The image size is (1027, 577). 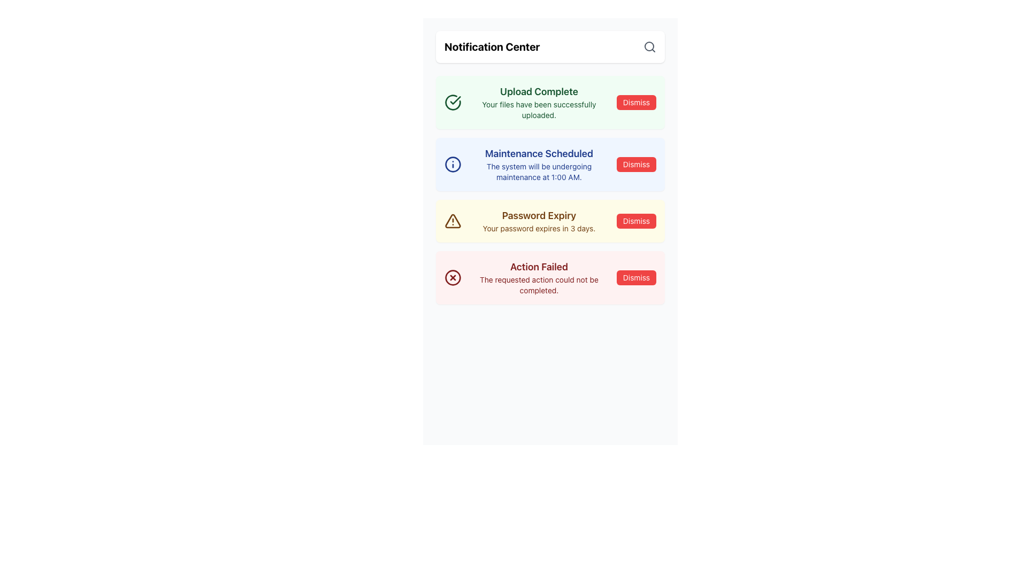 What do you see at coordinates (539, 228) in the screenshot?
I see `text notification displaying 'Your password expires in 3 days.' located in the 'Notification Center' under the 'Password Expiry' group` at bounding box center [539, 228].